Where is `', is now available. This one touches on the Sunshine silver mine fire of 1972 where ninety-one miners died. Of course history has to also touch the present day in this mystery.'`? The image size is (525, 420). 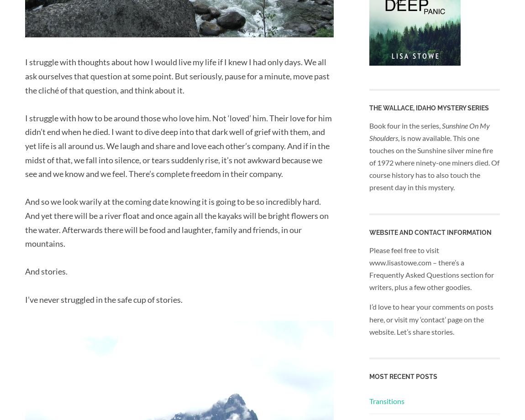
', is now available. This one touches on the Sunshine silver mine fire of 1972 where ninety-one miners died. Of course history has to also touch the present day in this mystery.' is located at coordinates (434, 162).